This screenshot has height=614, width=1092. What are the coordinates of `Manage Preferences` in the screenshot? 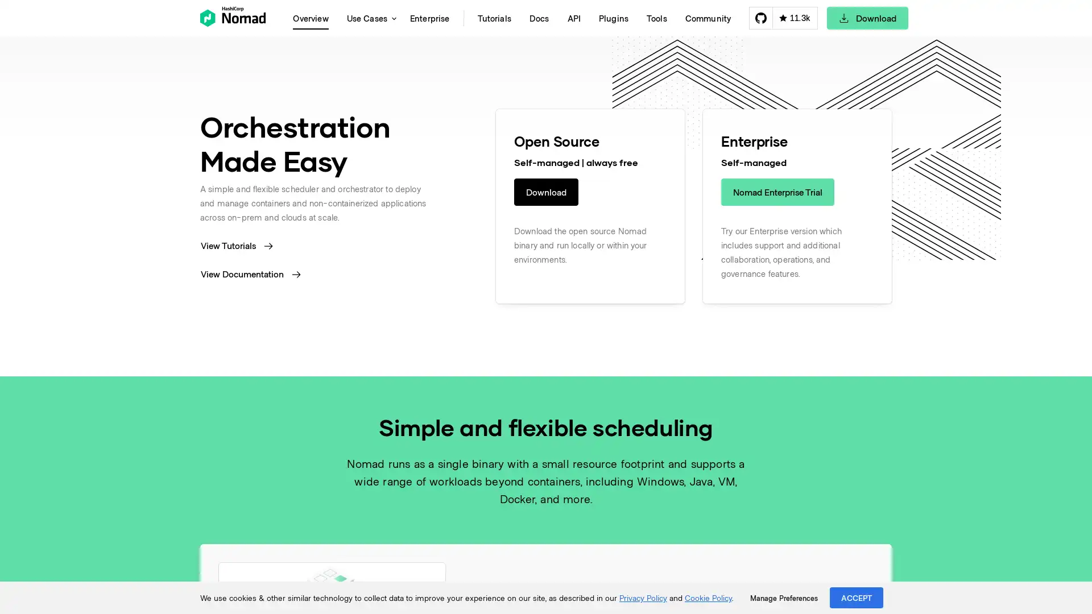 It's located at (783, 598).